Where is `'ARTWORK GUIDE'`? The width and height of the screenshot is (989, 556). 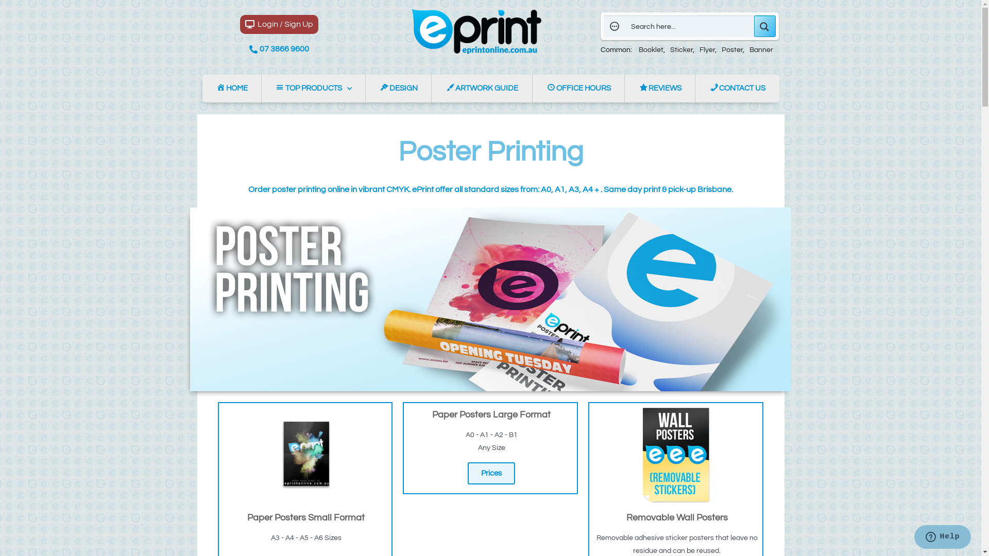
'ARTWORK GUIDE' is located at coordinates (481, 88).